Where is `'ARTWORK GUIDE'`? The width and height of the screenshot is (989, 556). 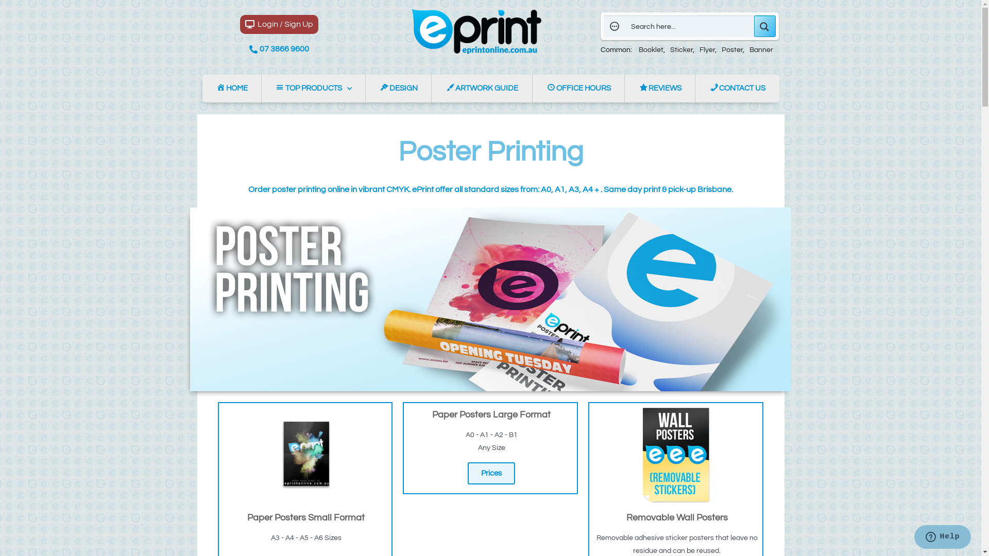
'ARTWORK GUIDE' is located at coordinates (481, 88).